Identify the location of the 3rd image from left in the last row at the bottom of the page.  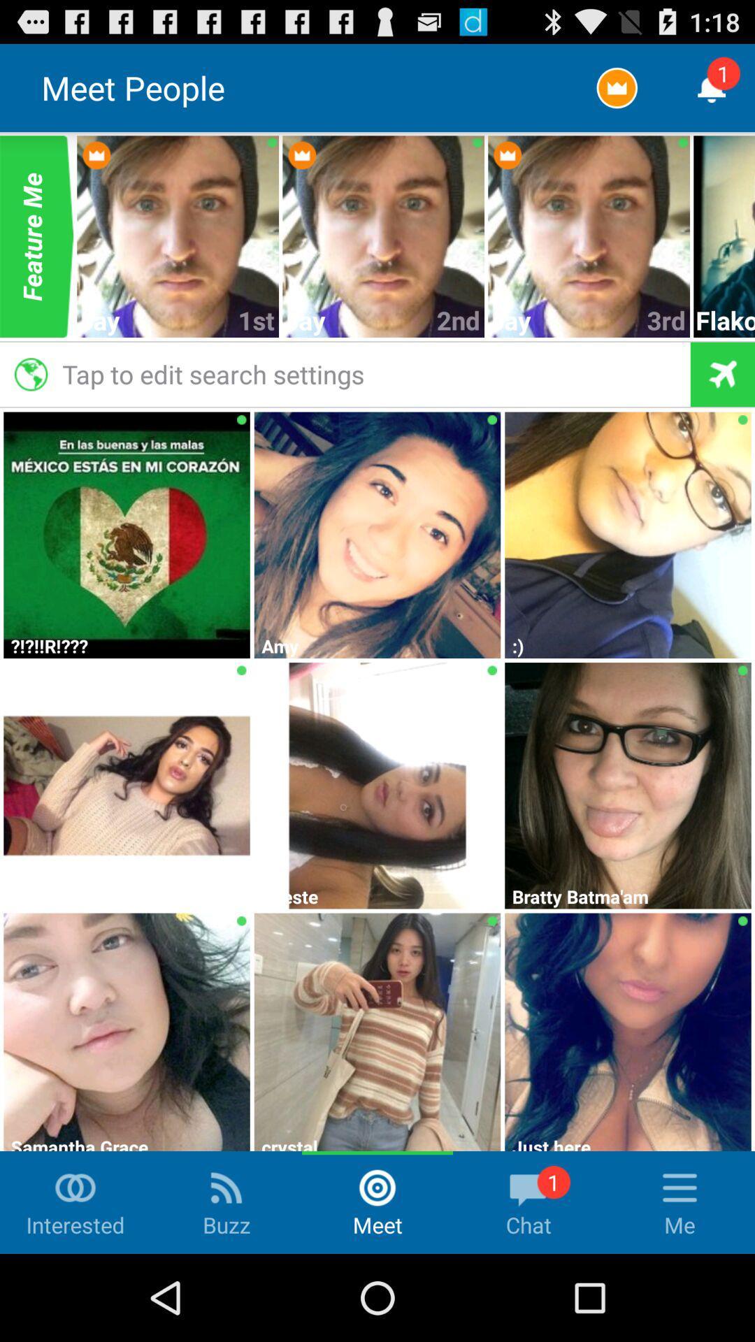
(627, 1030).